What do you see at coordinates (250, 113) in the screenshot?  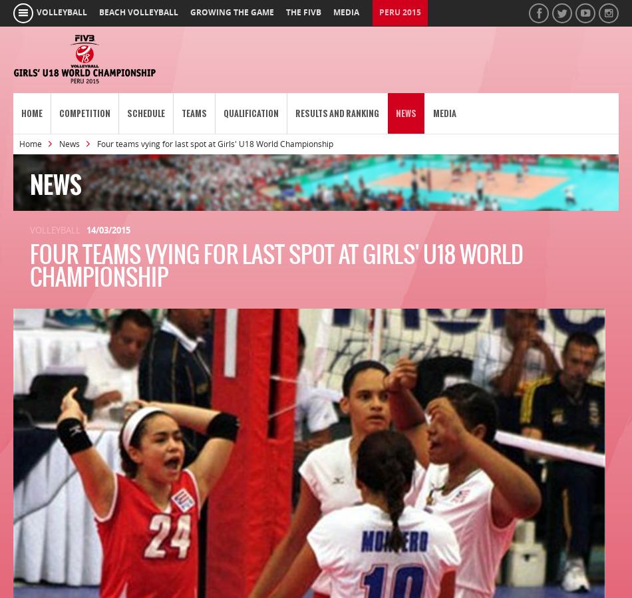 I see `'Qualification'` at bounding box center [250, 113].